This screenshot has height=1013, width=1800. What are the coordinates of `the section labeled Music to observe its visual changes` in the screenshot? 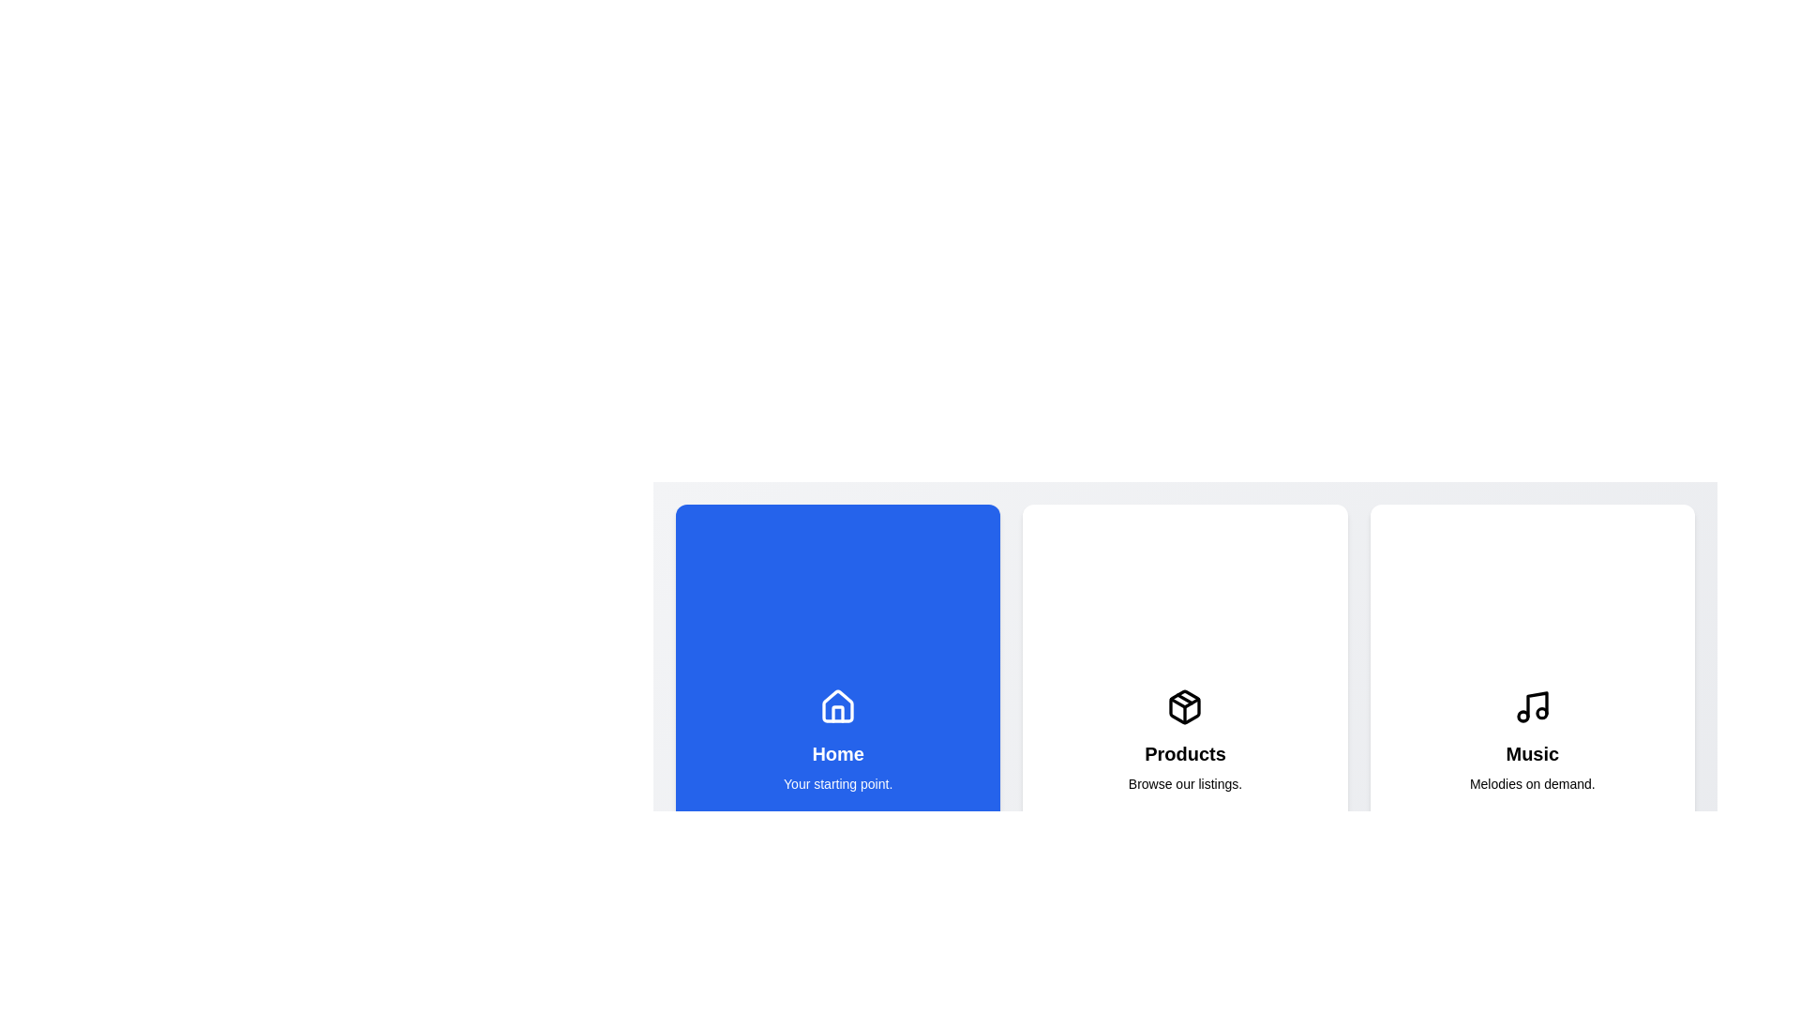 It's located at (1531, 740).